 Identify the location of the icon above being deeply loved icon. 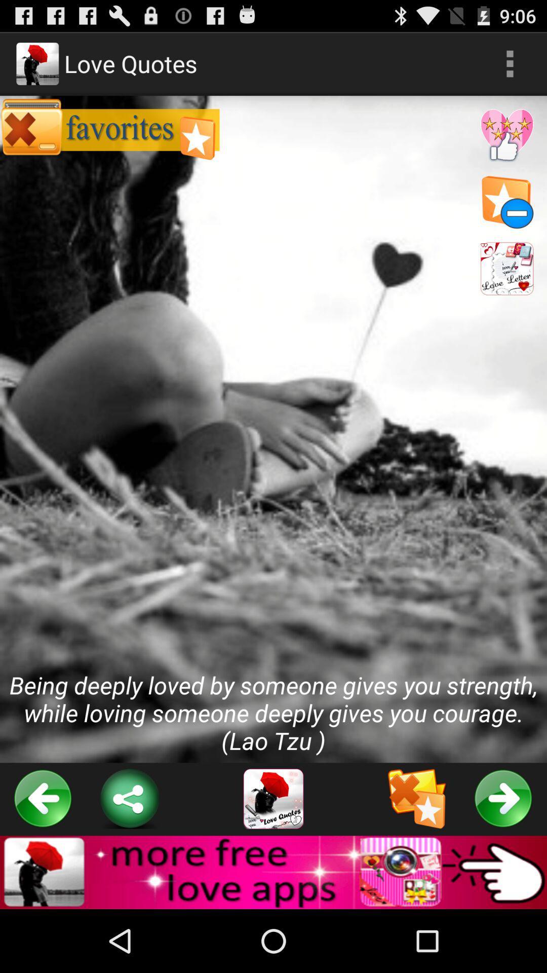
(510, 63).